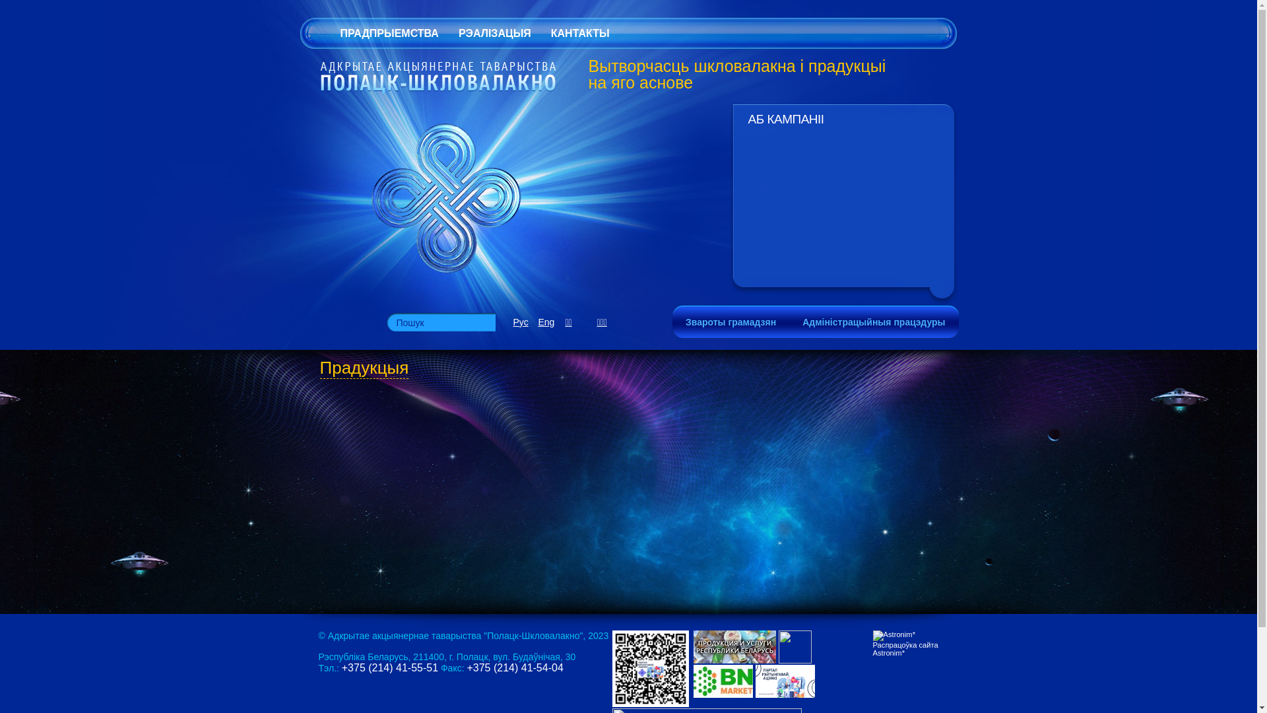  I want to click on 'Astronim*', so click(872, 635).